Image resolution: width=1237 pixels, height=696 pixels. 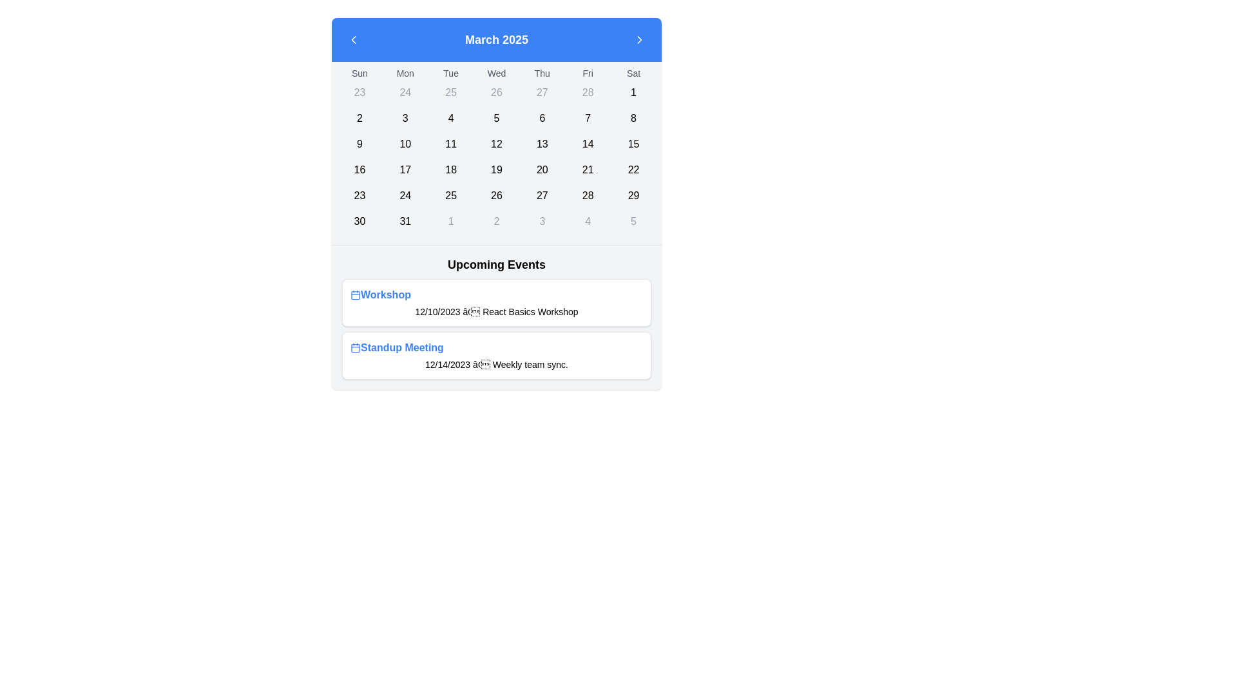 What do you see at coordinates (542, 119) in the screenshot?
I see `the selectable date button for the 6th day of the month in the calendar, located under 'Thu' in the fourth row and fifth column, to change its background color` at bounding box center [542, 119].